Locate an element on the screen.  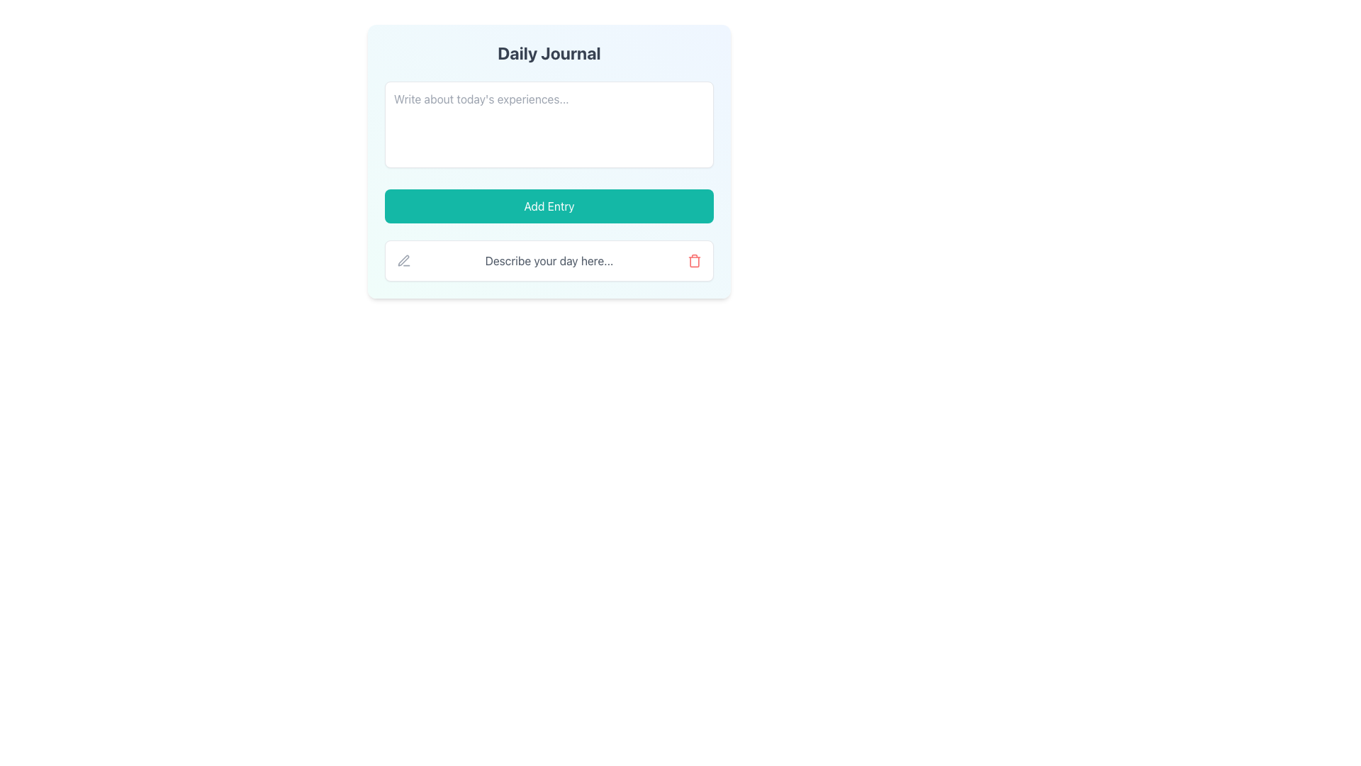
the text label displaying 'Describe your day here...' which is centered within the Daily Journal card and has a gray color is located at coordinates (548, 260).